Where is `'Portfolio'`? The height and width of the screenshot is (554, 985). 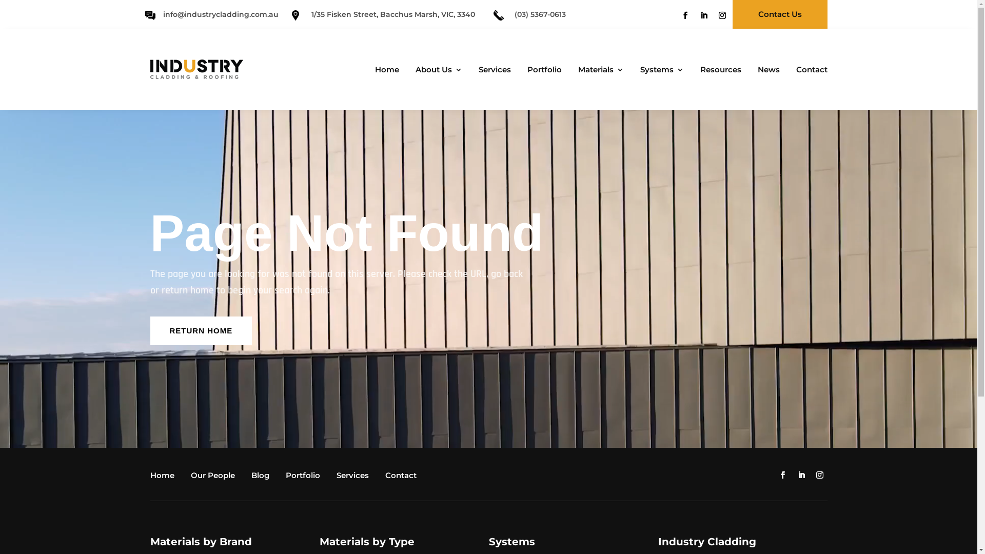 'Portfolio' is located at coordinates (304, 477).